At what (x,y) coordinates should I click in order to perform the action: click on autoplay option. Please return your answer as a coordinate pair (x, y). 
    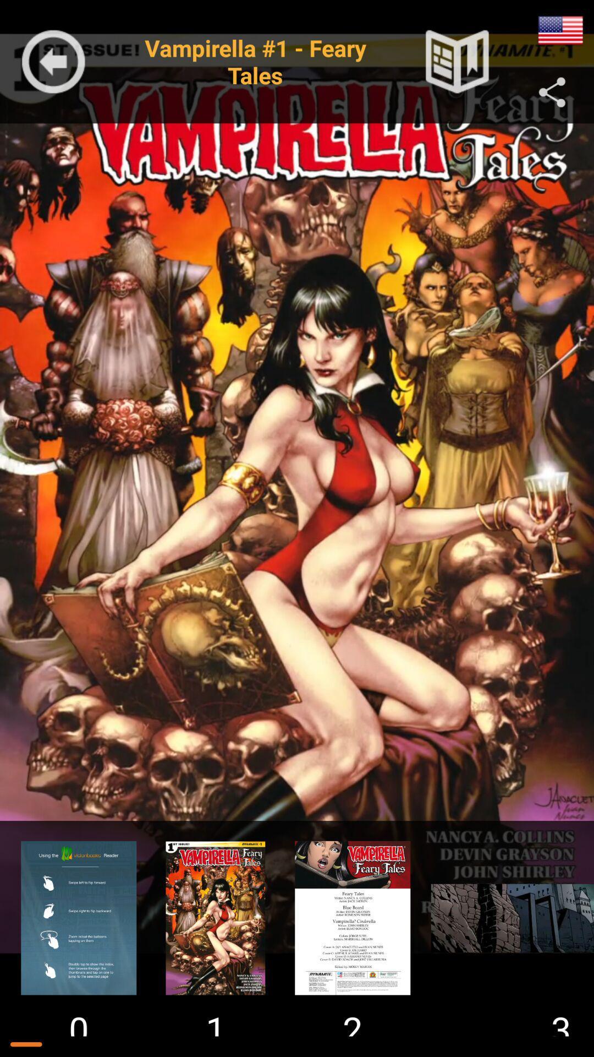
    Looking at the image, I should click on (560, 30).